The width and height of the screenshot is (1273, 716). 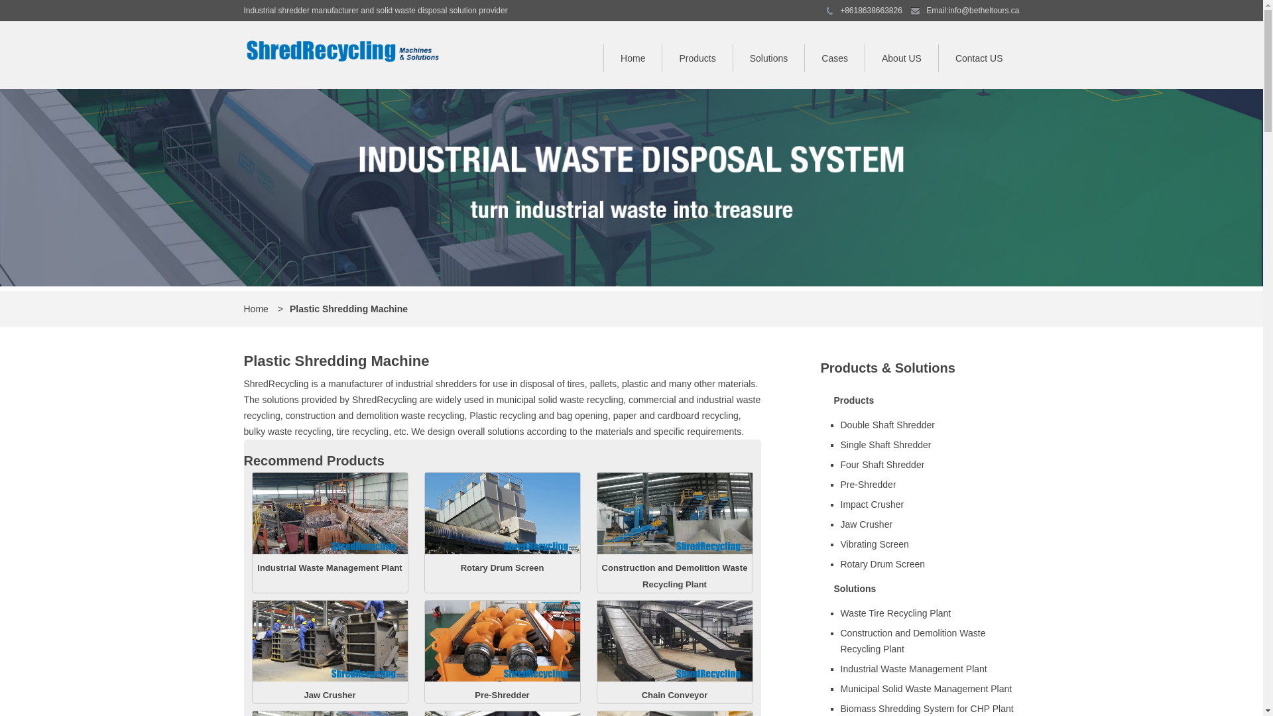 I want to click on 'Products & Solutions', so click(x=888, y=368).